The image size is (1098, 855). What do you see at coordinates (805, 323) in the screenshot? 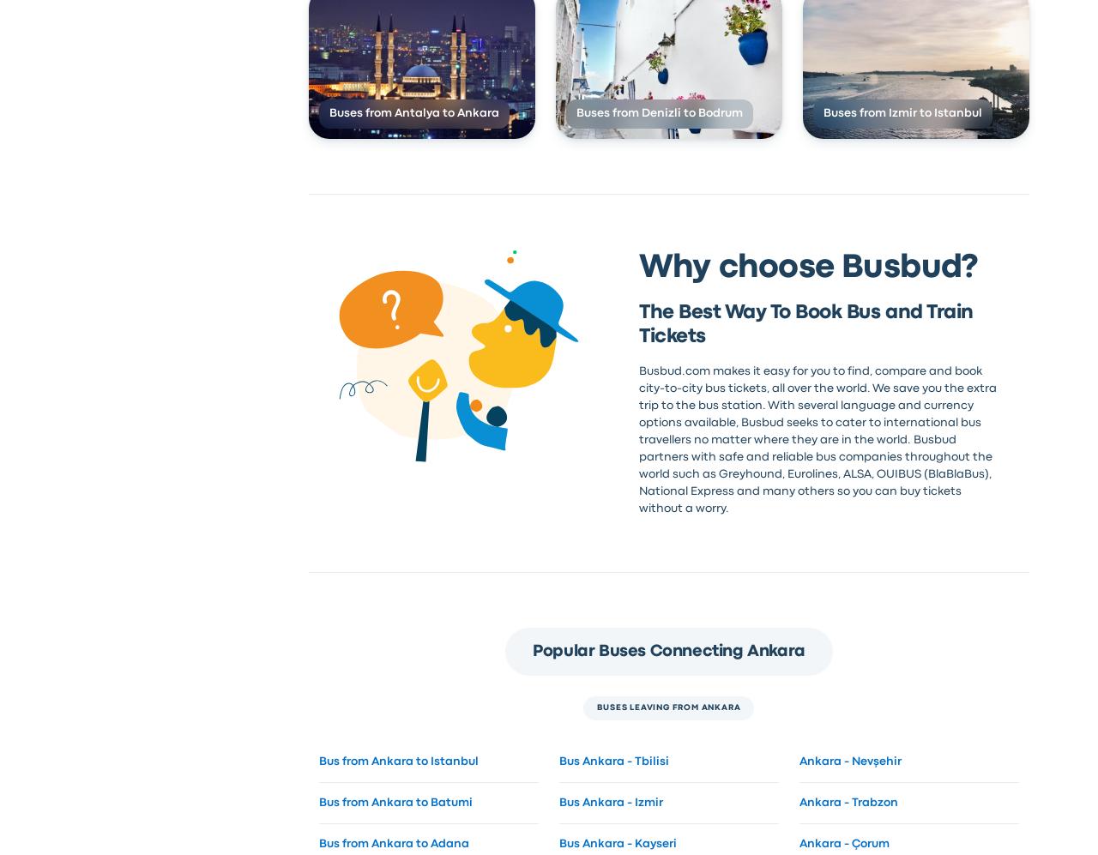
I see `'The Best Way To Book Bus and Train Tickets'` at bounding box center [805, 323].